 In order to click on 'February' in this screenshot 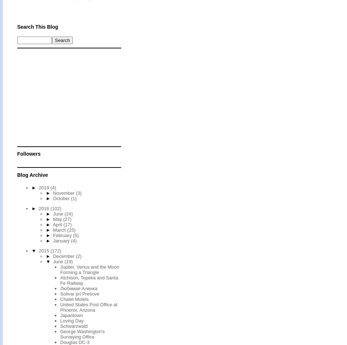, I will do `click(63, 235)`.